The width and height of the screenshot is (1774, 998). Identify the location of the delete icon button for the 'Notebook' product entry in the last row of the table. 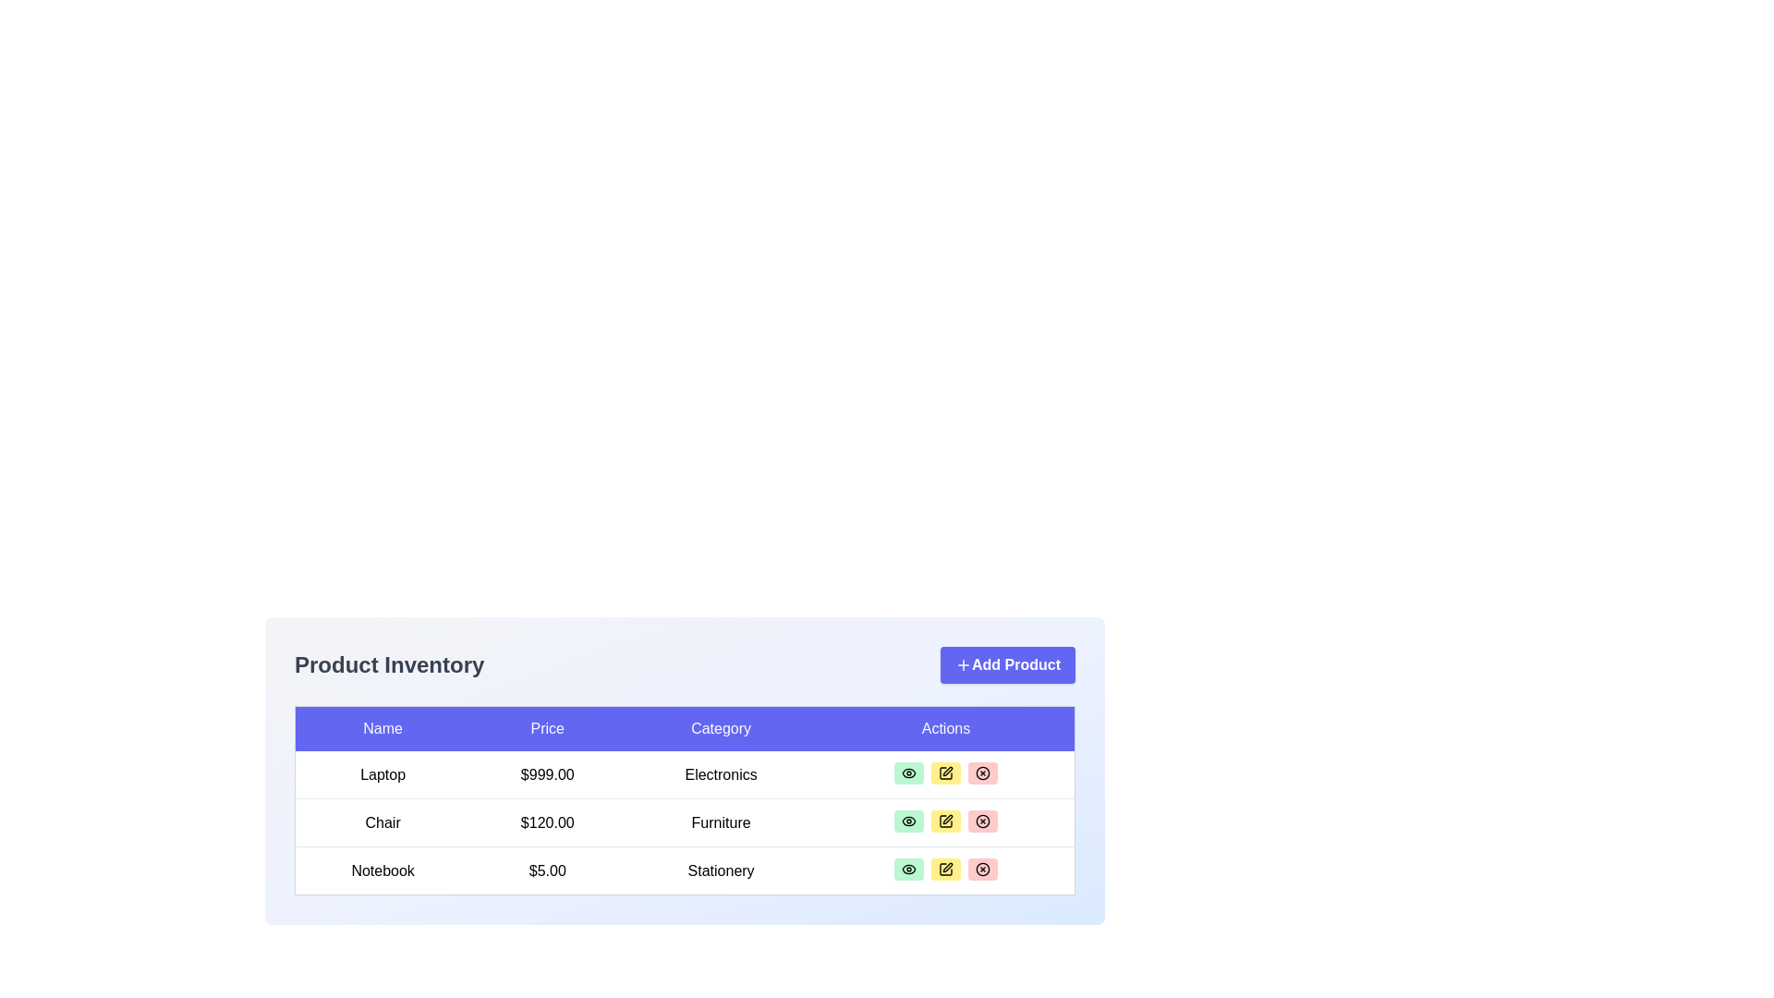
(981, 870).